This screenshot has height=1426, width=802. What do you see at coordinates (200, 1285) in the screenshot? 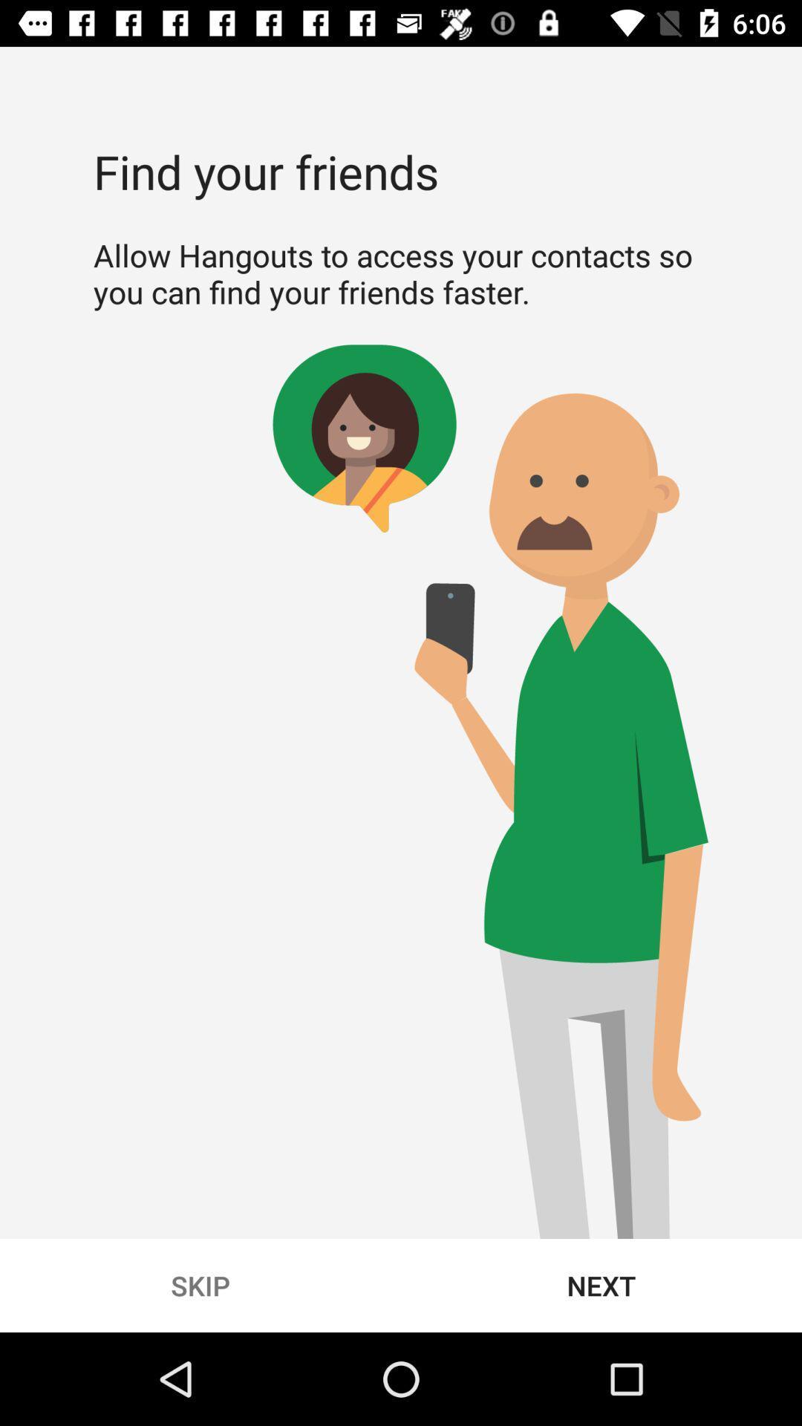
I see `the button next to next button` at bounding box center [200, 1285].